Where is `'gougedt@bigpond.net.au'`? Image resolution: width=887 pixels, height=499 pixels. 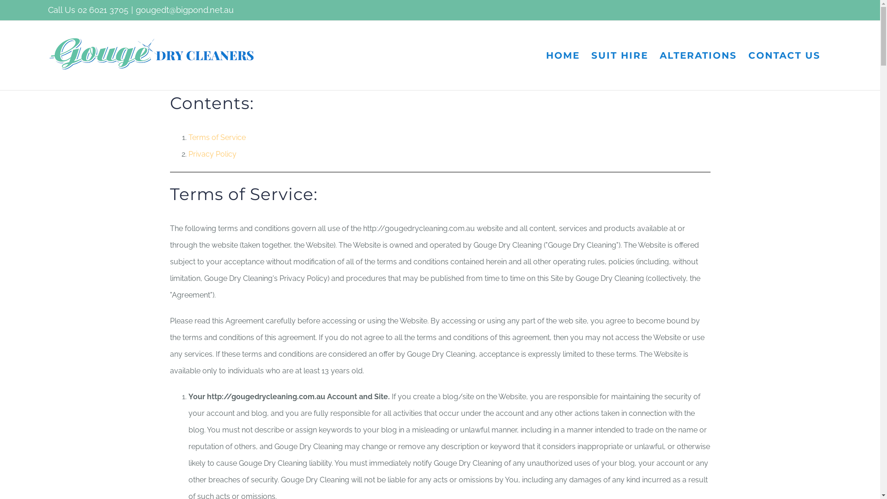
'gougedt@bigpond.net.au' is located at coordinates (184, 10).